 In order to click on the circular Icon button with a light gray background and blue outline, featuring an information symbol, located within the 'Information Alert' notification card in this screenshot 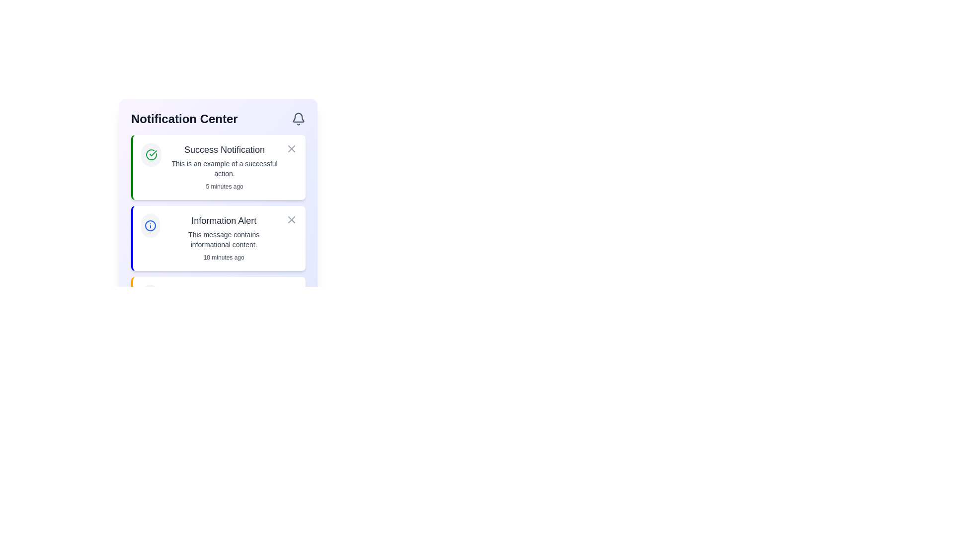, I will do `click(150, 226)`.